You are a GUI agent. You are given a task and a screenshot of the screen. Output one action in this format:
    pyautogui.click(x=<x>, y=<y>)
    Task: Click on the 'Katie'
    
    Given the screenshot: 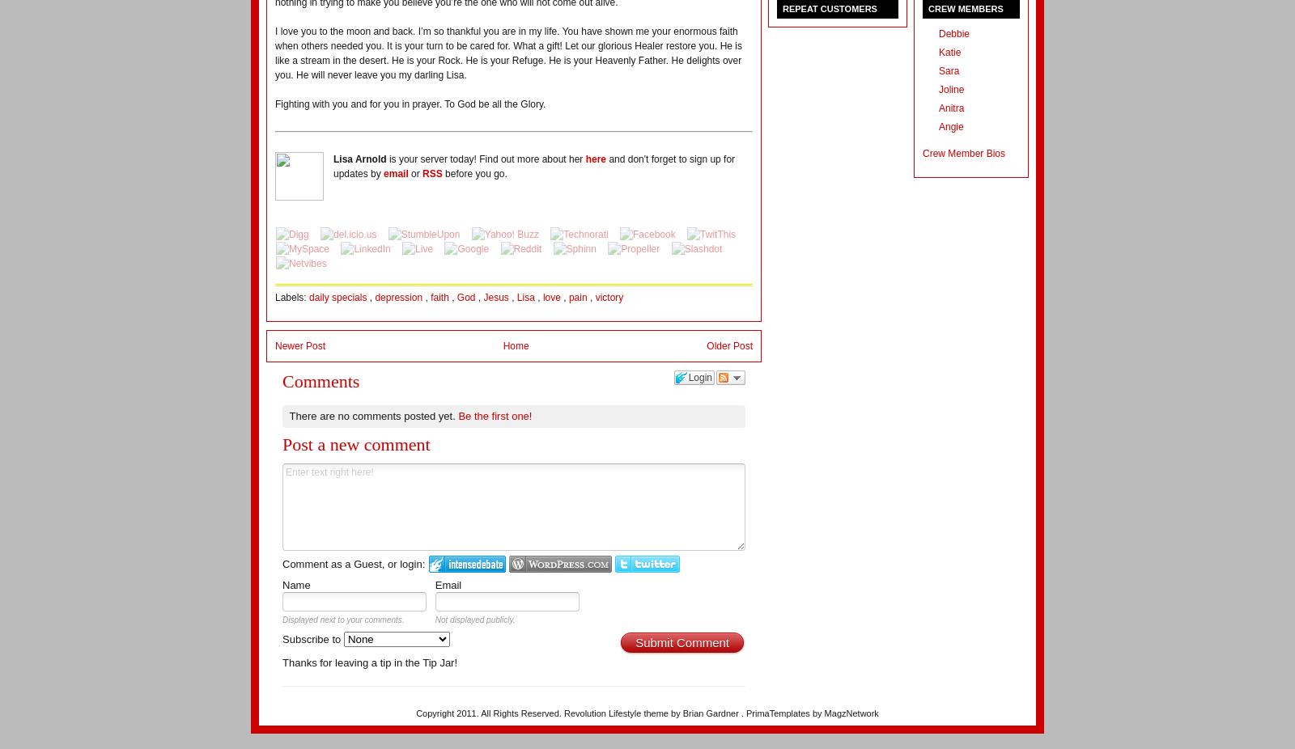 What is the action you would take?
    pyautogui.click(x=939, y=52)
    